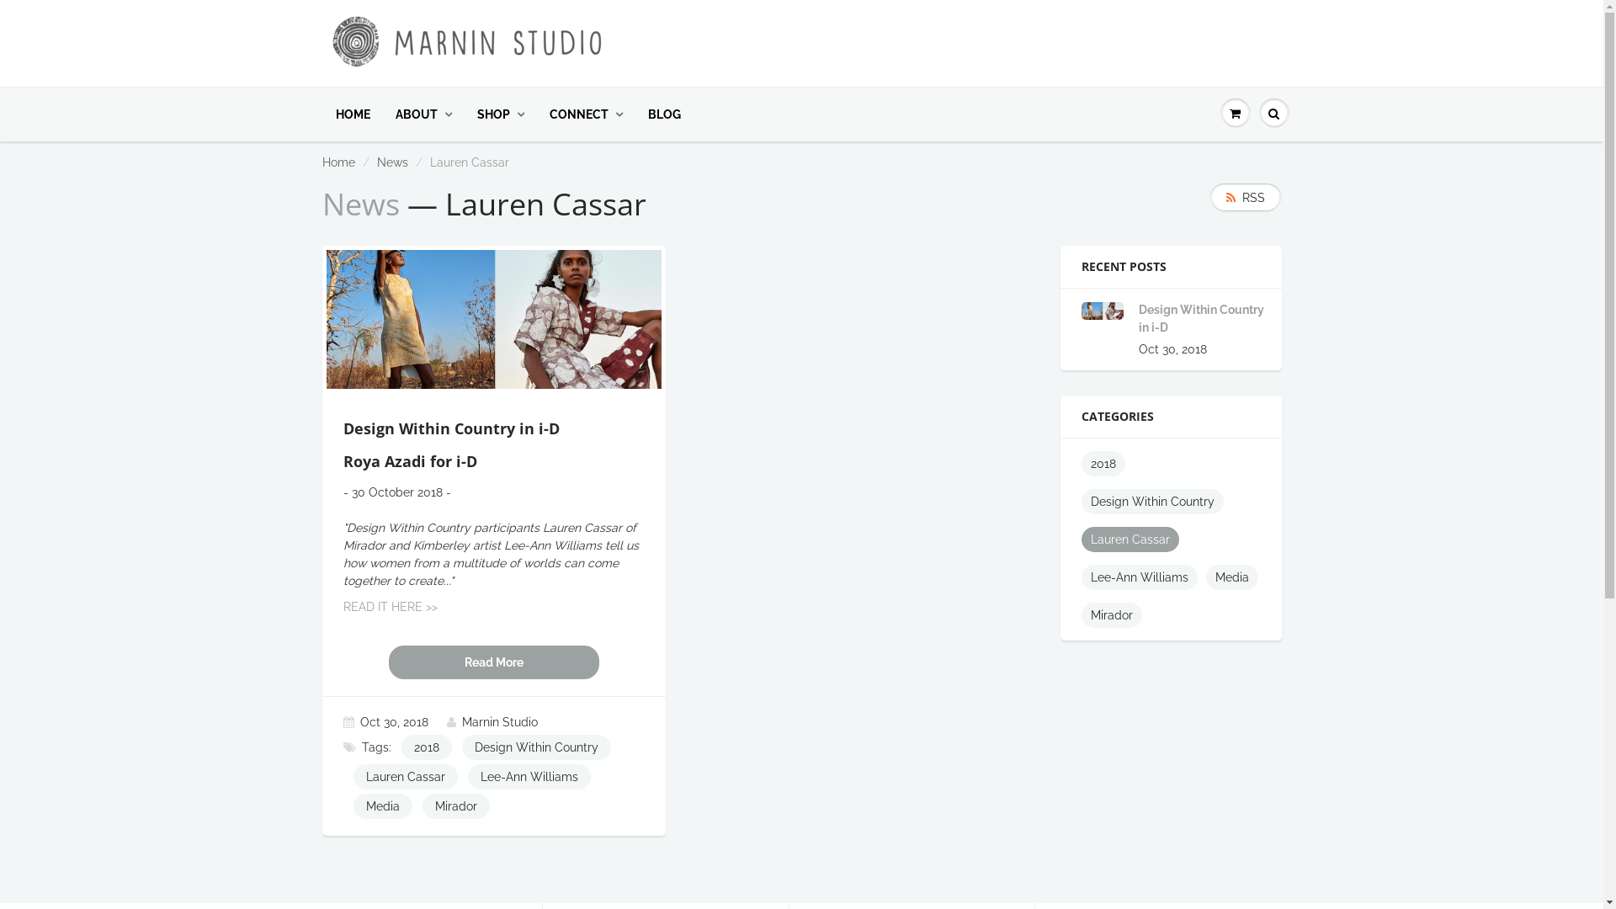  Describe the element at coordinates (1111, 615) in the screenshot. I see `'Mirador'` at that location.